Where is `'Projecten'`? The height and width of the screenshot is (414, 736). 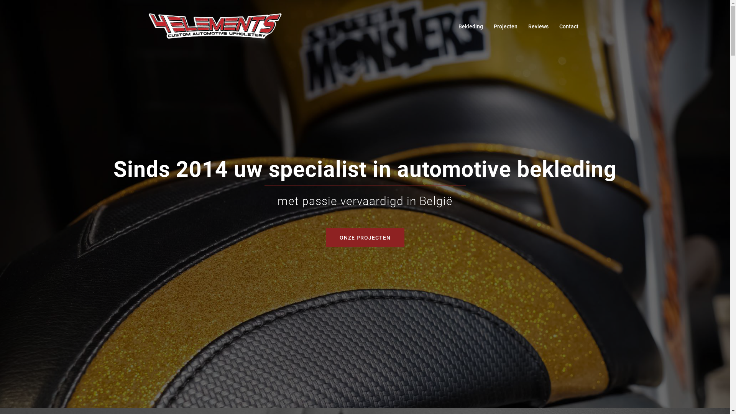 'Projecten' is located at coordinates (493, 26).